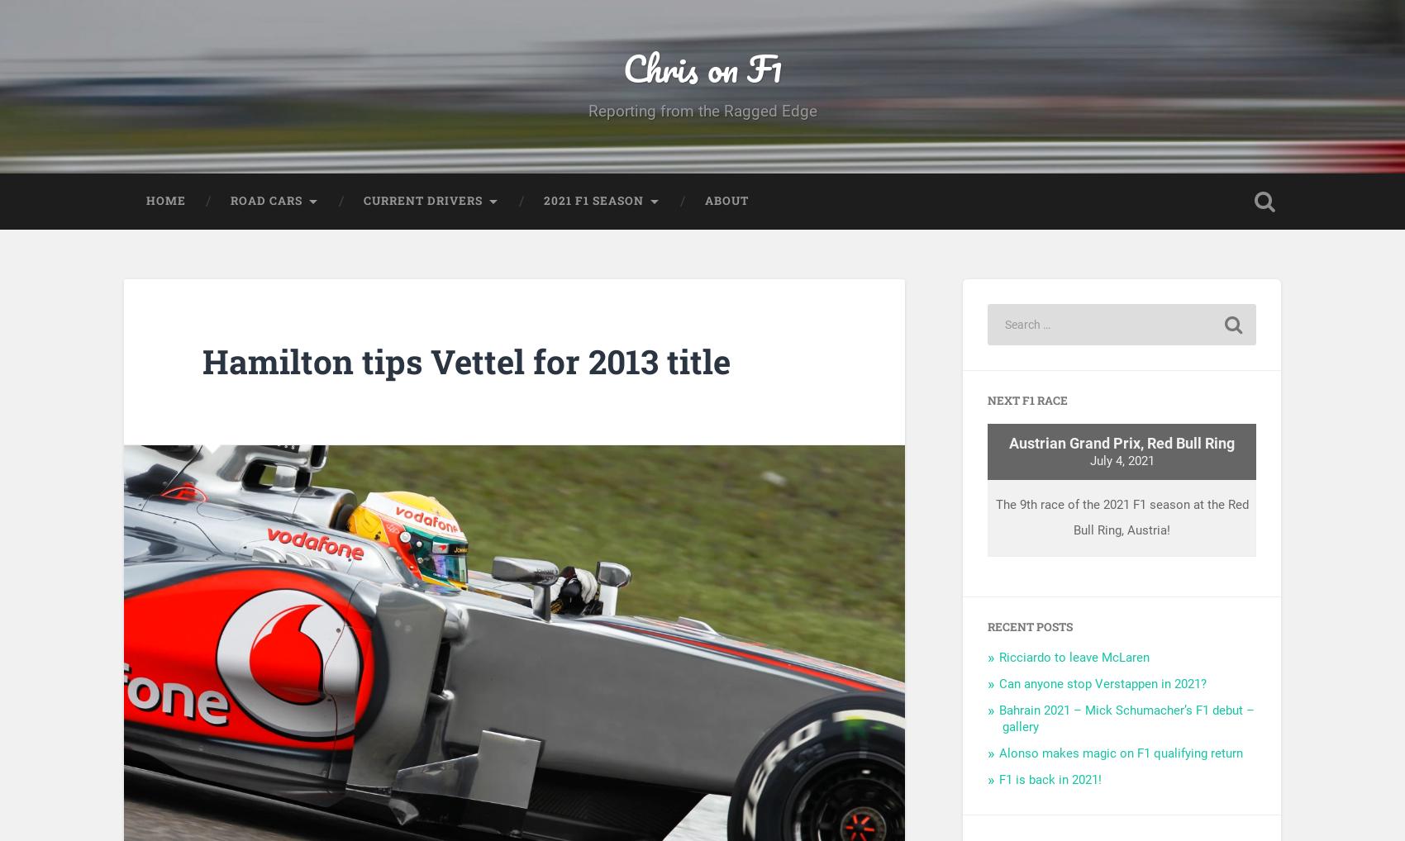 The height and width of the screenshot is (841, 1405). What do you see at coordinates (702, 74) in the screenshot?
I see `'Chris on F1'` at bounding box center [702, 74].